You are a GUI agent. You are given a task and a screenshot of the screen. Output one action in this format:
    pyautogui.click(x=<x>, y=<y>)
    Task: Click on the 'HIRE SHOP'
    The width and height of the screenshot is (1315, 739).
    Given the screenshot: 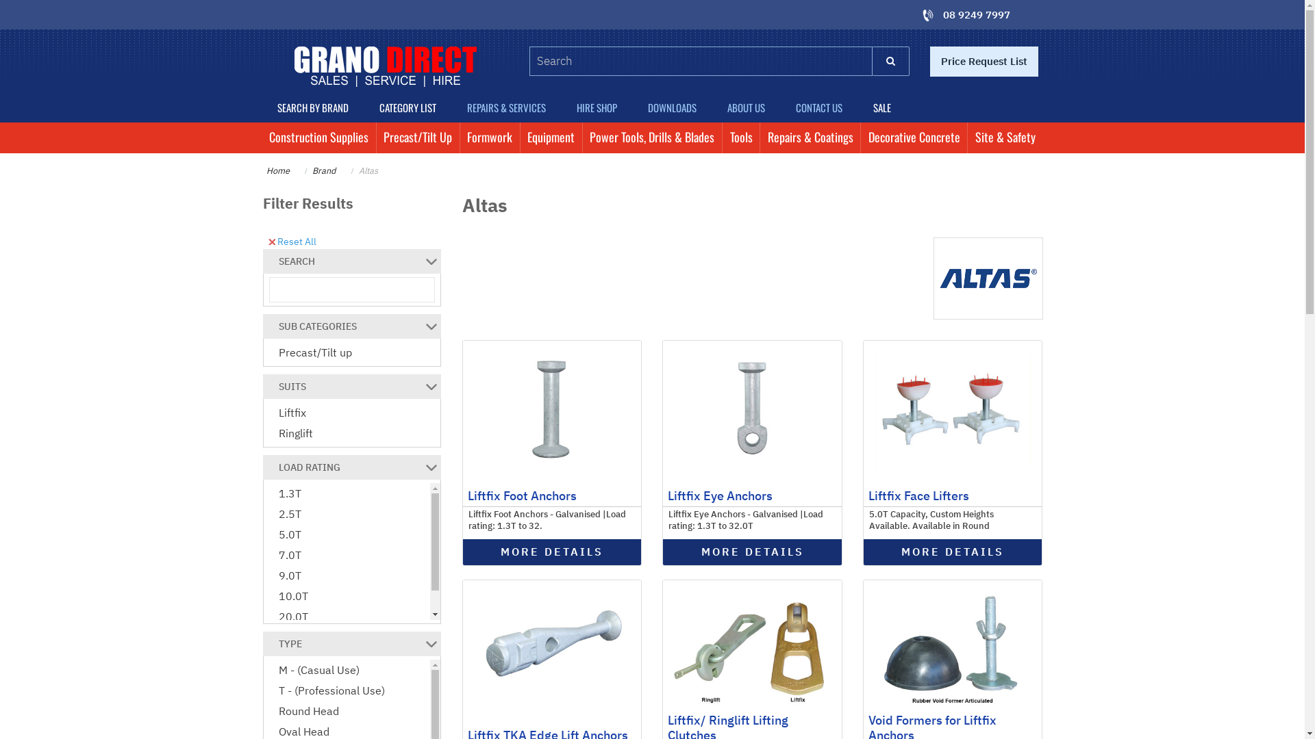 What is the action you would take?
    pyautogui.click(x=597, y=107)
    